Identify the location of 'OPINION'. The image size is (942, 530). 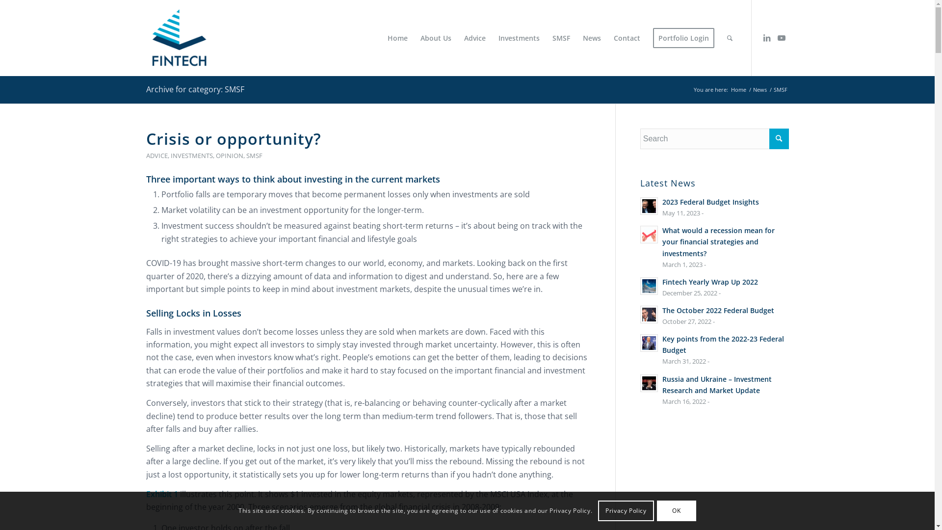
(215, 155).